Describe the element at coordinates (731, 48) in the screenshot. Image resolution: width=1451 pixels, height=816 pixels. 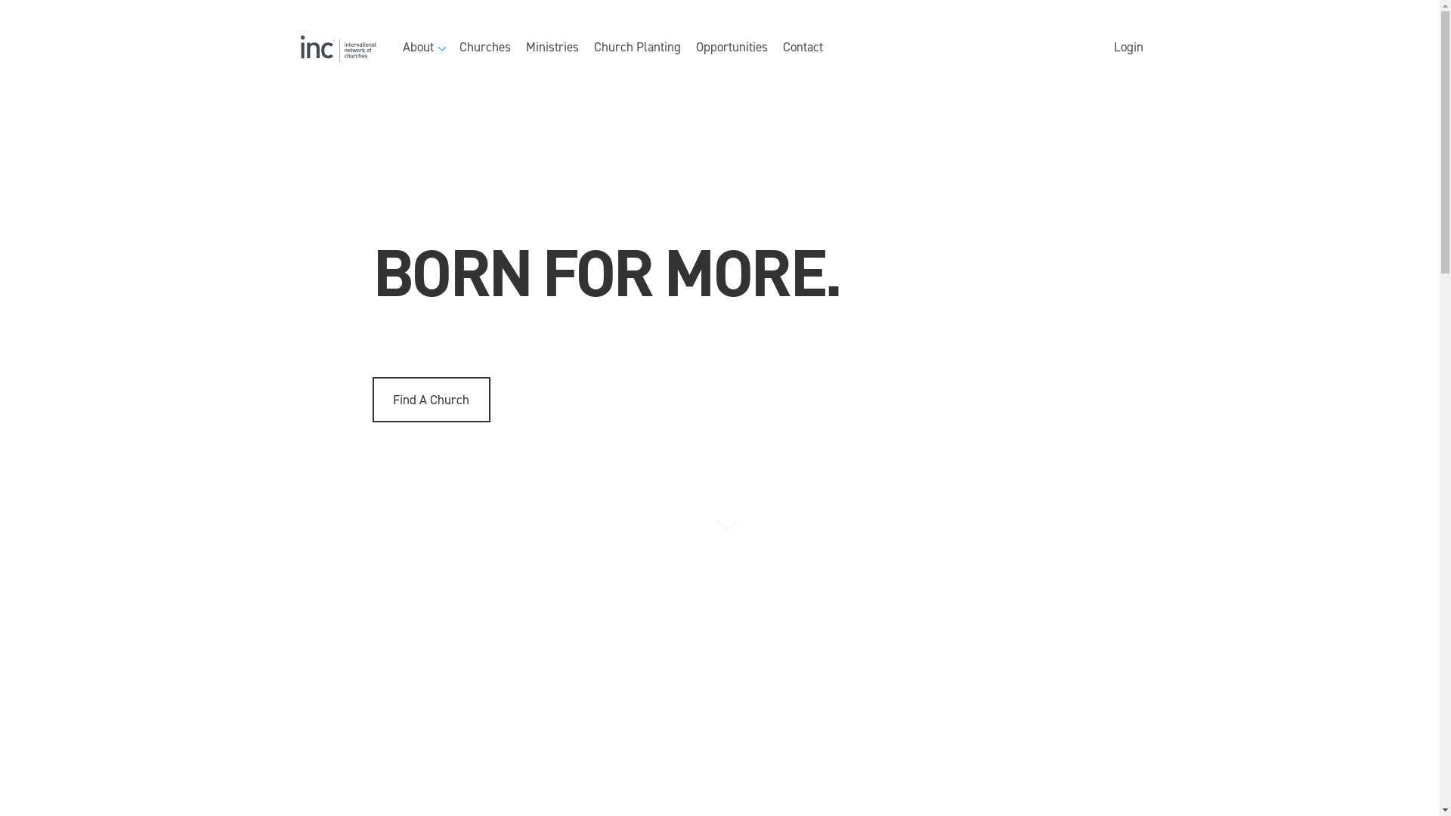
I see `'Opportunities'` at that location.